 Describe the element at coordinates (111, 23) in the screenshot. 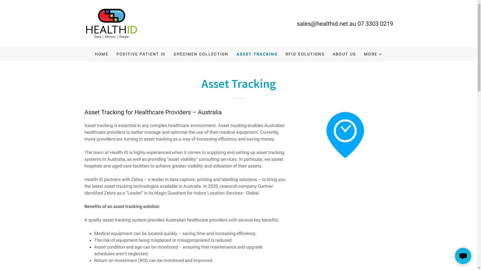

I see `'Health ID'` at that location.